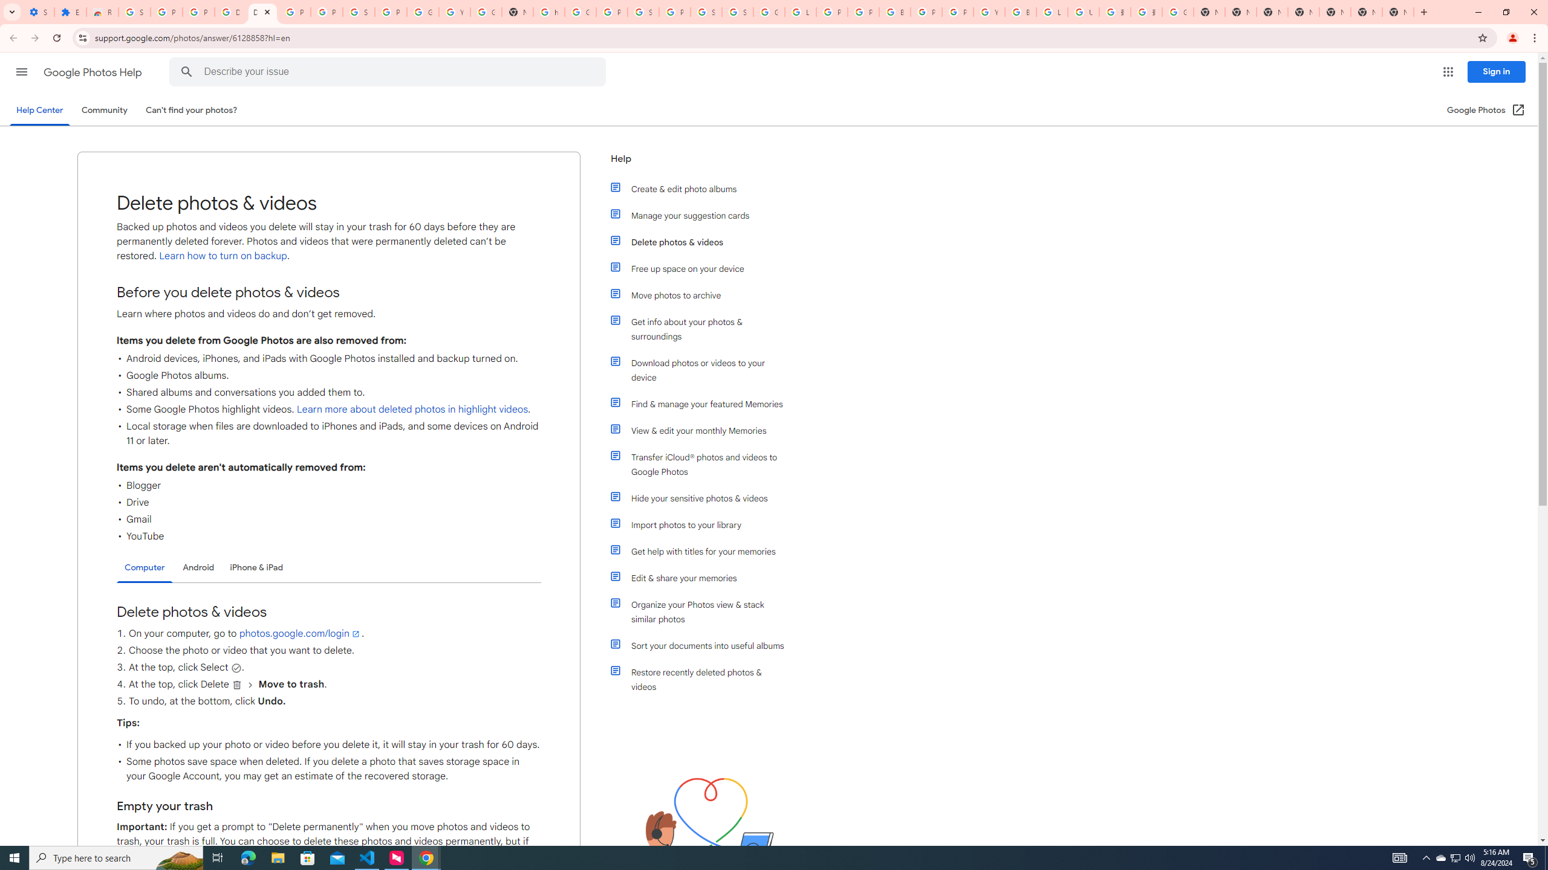  Describe the element at coordinates (703, 215) in the screenshot. I see `'Manage your suggestion cards'` at that location.